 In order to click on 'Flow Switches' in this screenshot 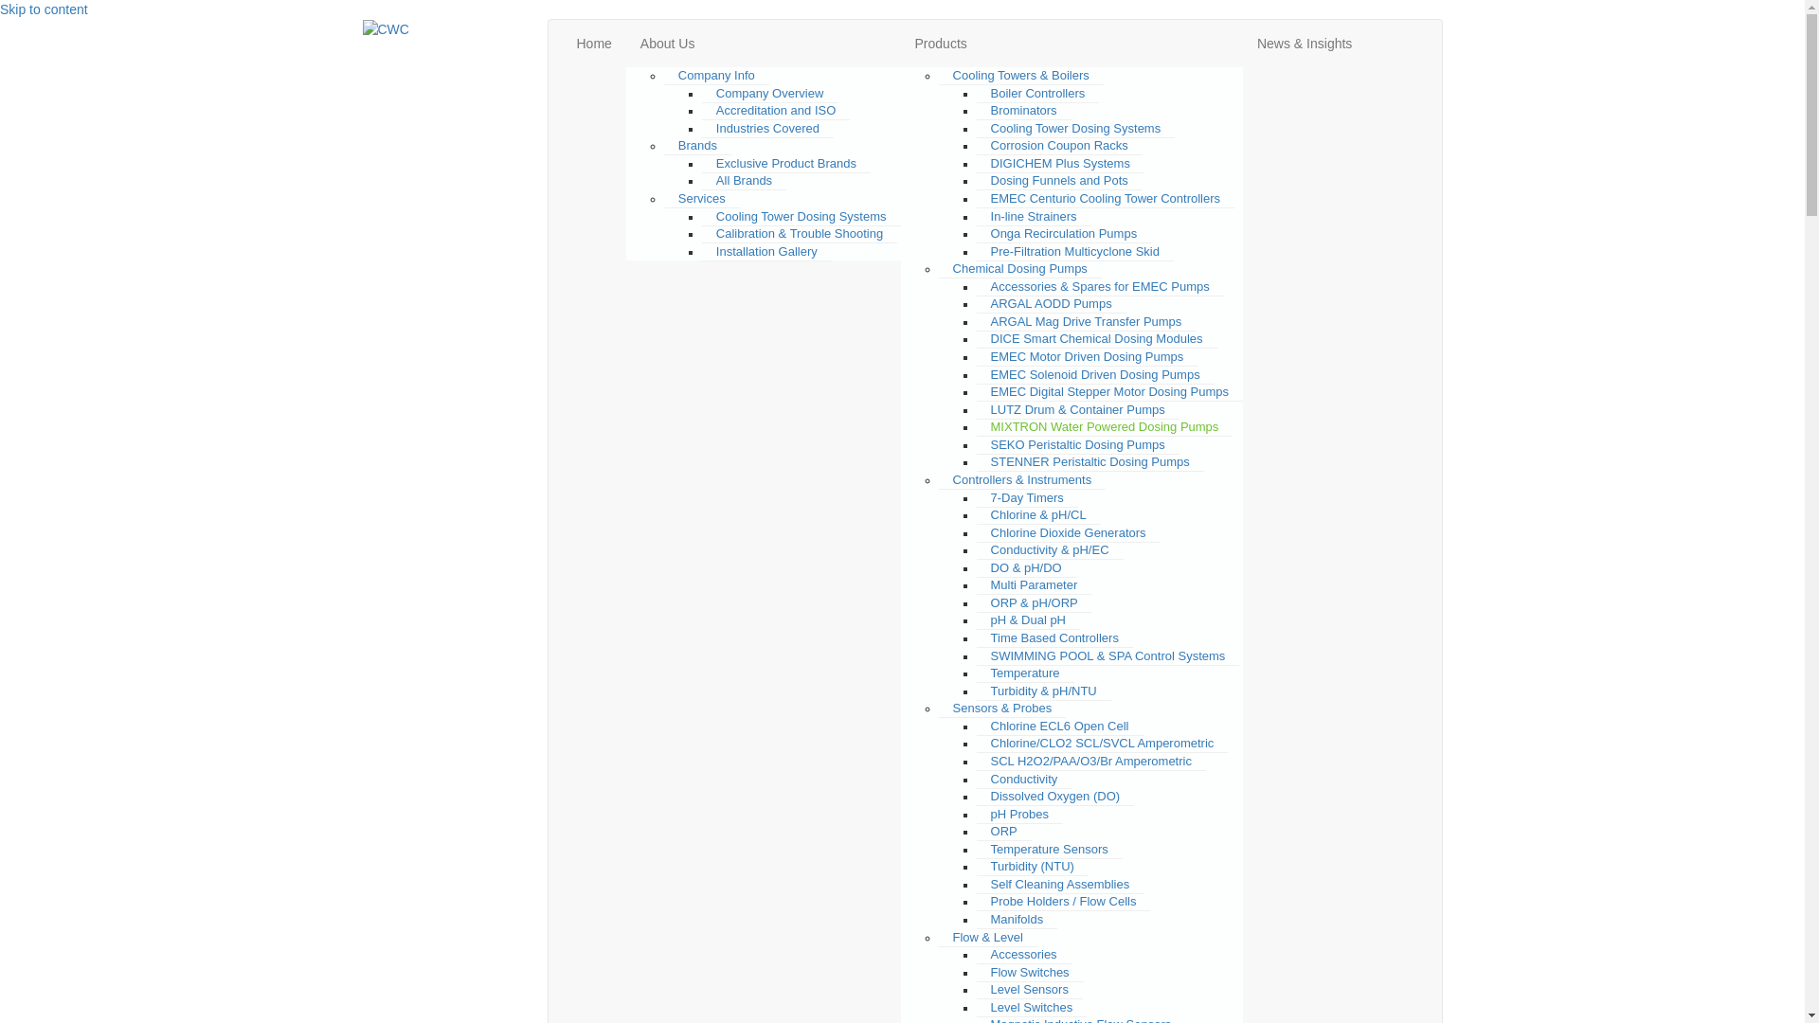, I will do `click(1029, 972)`.